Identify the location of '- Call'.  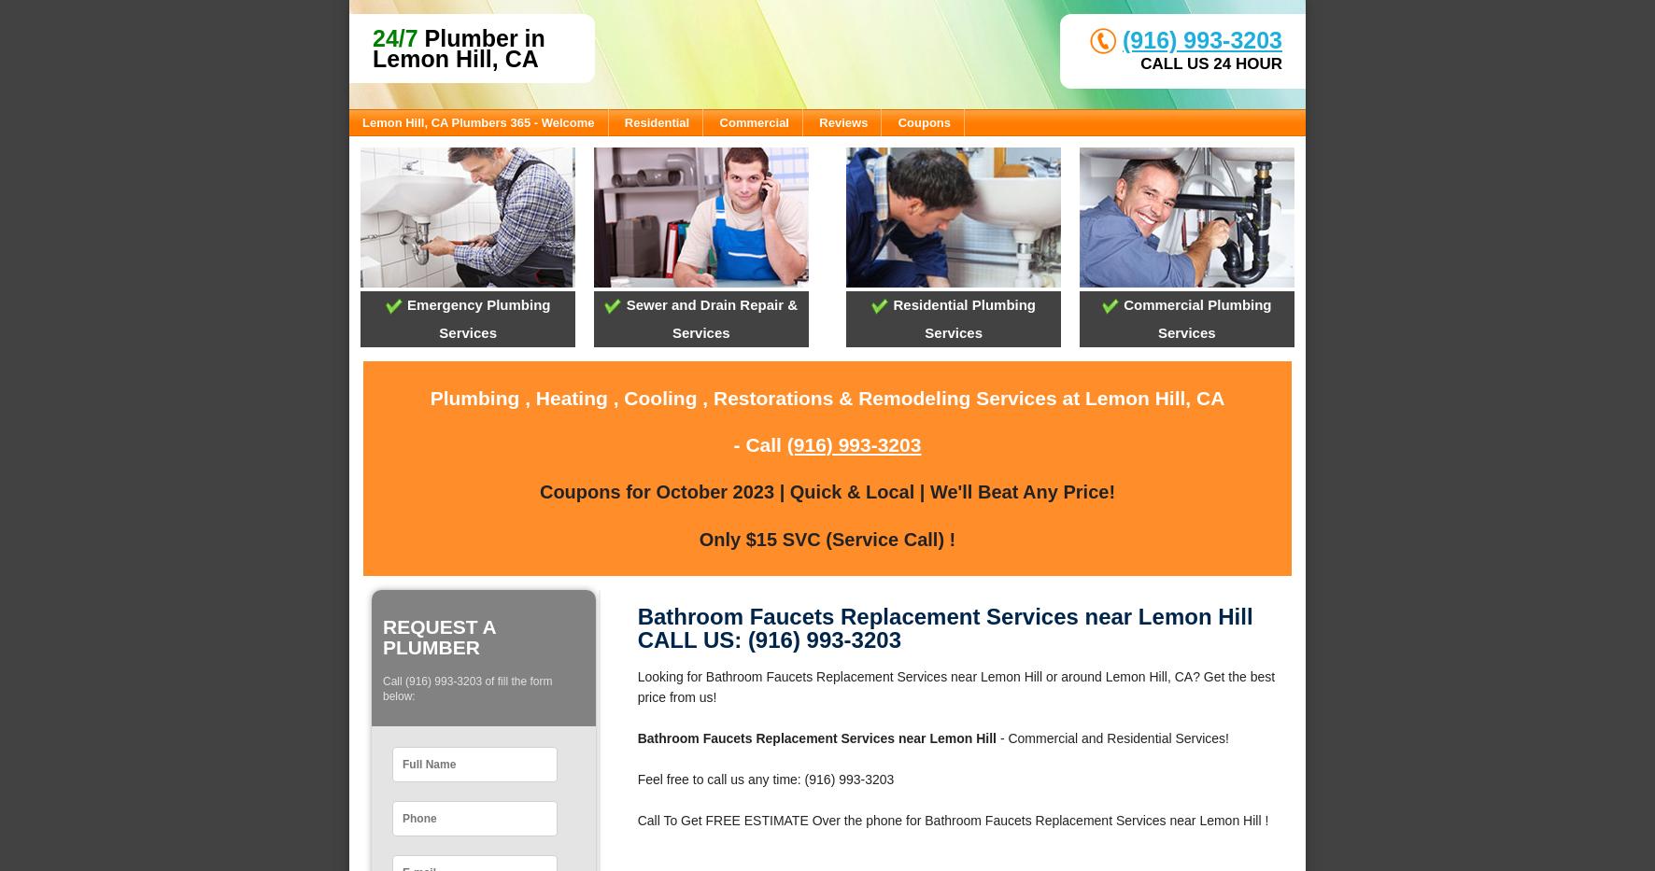
(759, 443).